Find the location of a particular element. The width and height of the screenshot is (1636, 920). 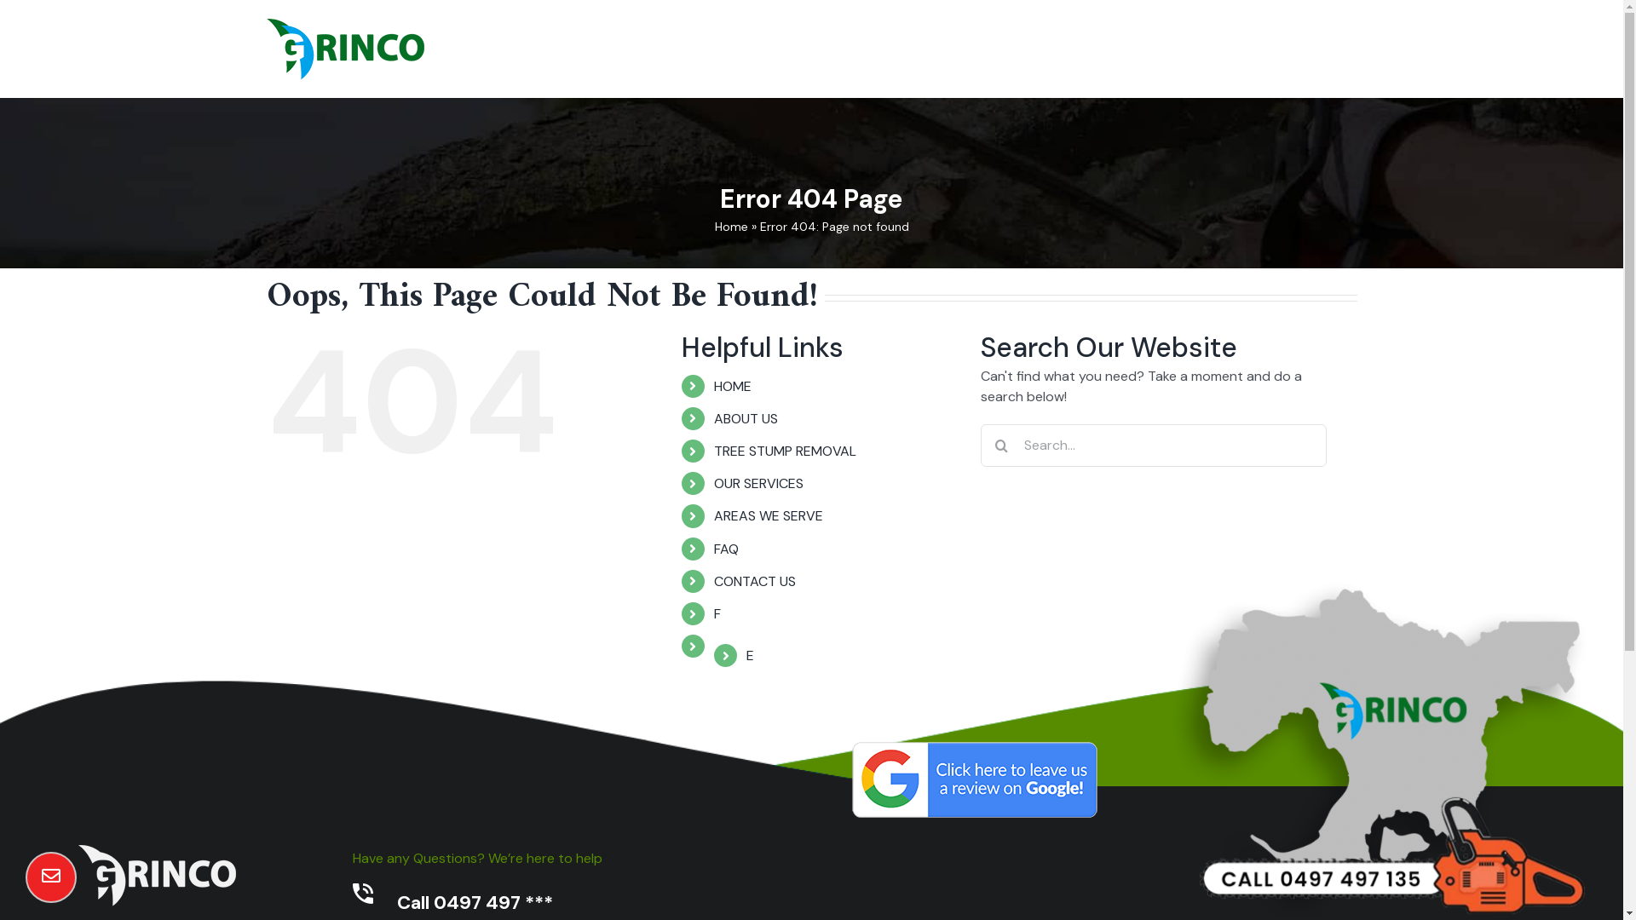

'HOME' is located at coordinates (732, 386).